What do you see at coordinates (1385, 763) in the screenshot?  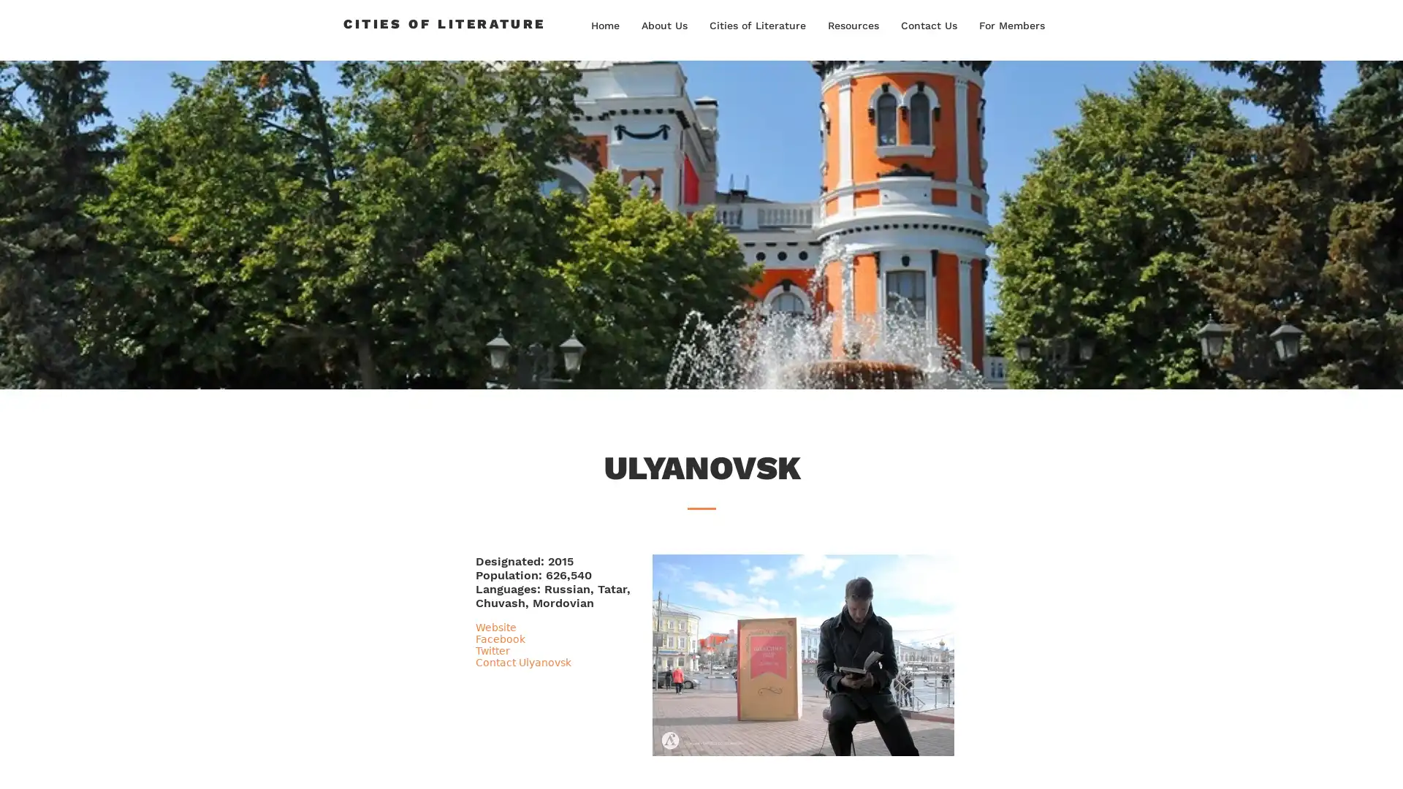 I see `Close` at bounding box center [1385, 763].